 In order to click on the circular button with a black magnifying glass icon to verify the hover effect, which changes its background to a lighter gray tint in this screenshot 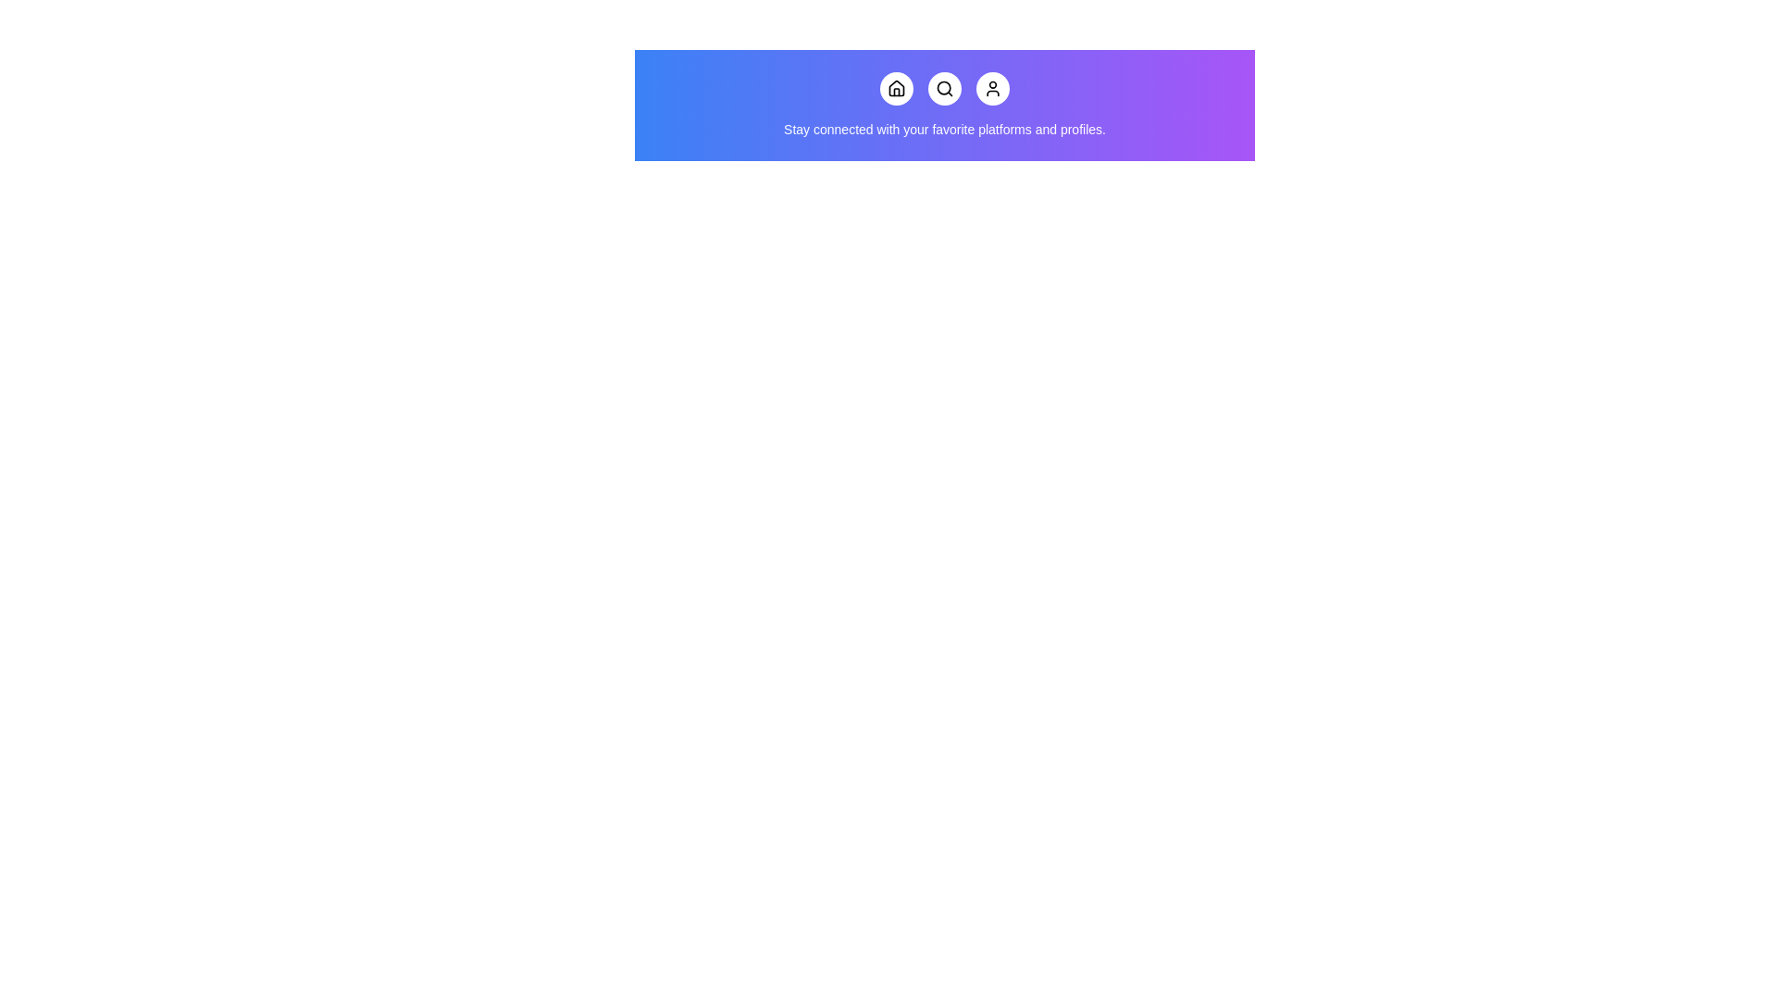, I will do `click(945, 89)`.